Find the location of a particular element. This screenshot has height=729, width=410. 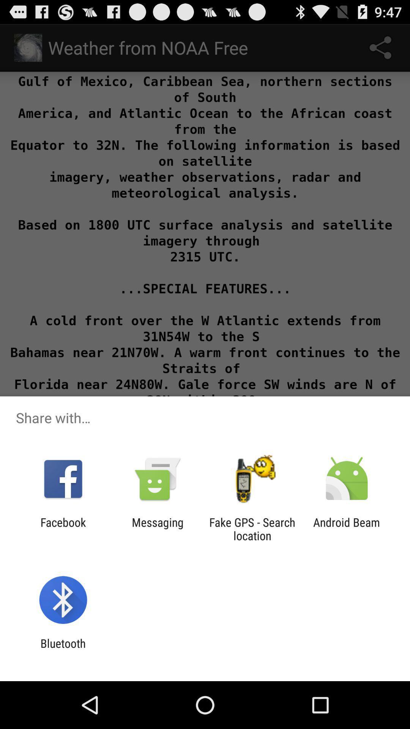

the app next to messaging icon is located at coordinates (252, 529).